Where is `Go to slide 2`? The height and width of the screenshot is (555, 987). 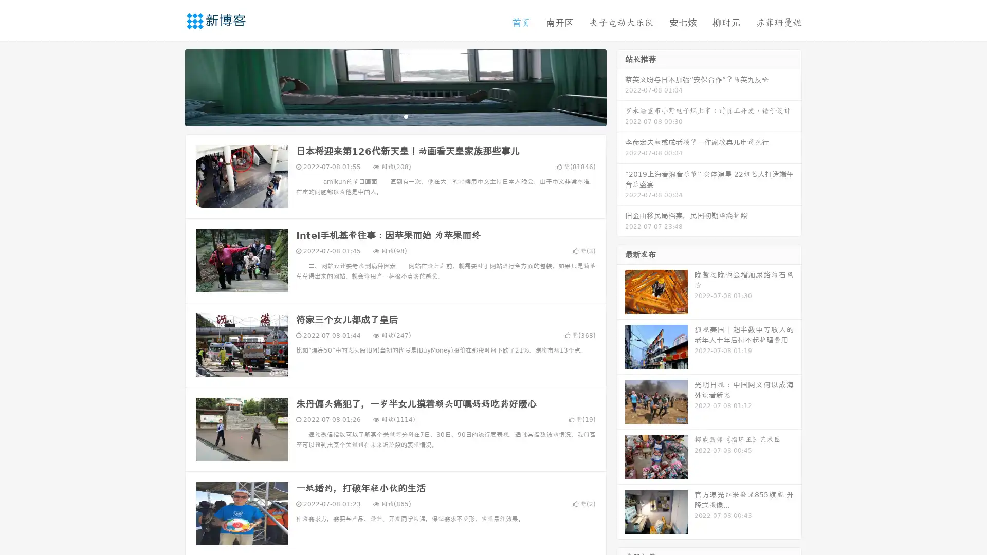
Go to slide 2 is located at coordinates (395, 116).